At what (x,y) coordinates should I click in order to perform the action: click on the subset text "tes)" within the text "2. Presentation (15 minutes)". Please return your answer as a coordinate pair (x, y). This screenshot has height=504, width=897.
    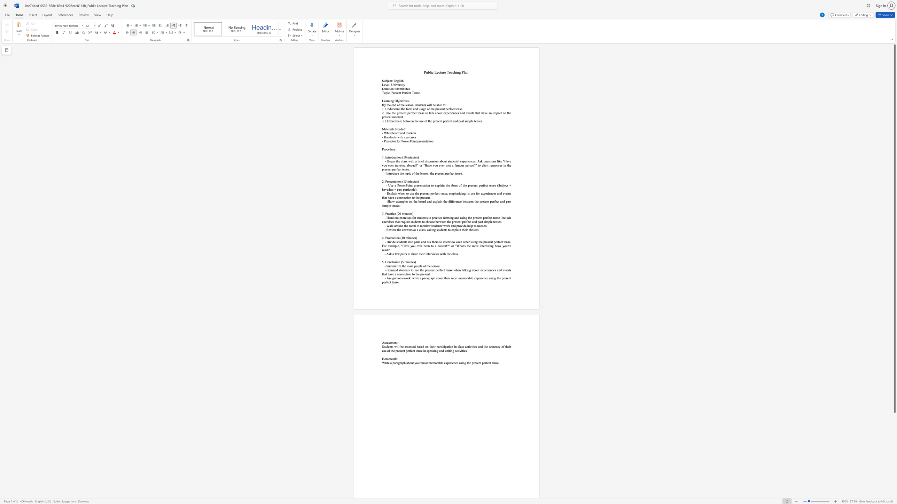
    Looking at the image, I should click on (414, 181).